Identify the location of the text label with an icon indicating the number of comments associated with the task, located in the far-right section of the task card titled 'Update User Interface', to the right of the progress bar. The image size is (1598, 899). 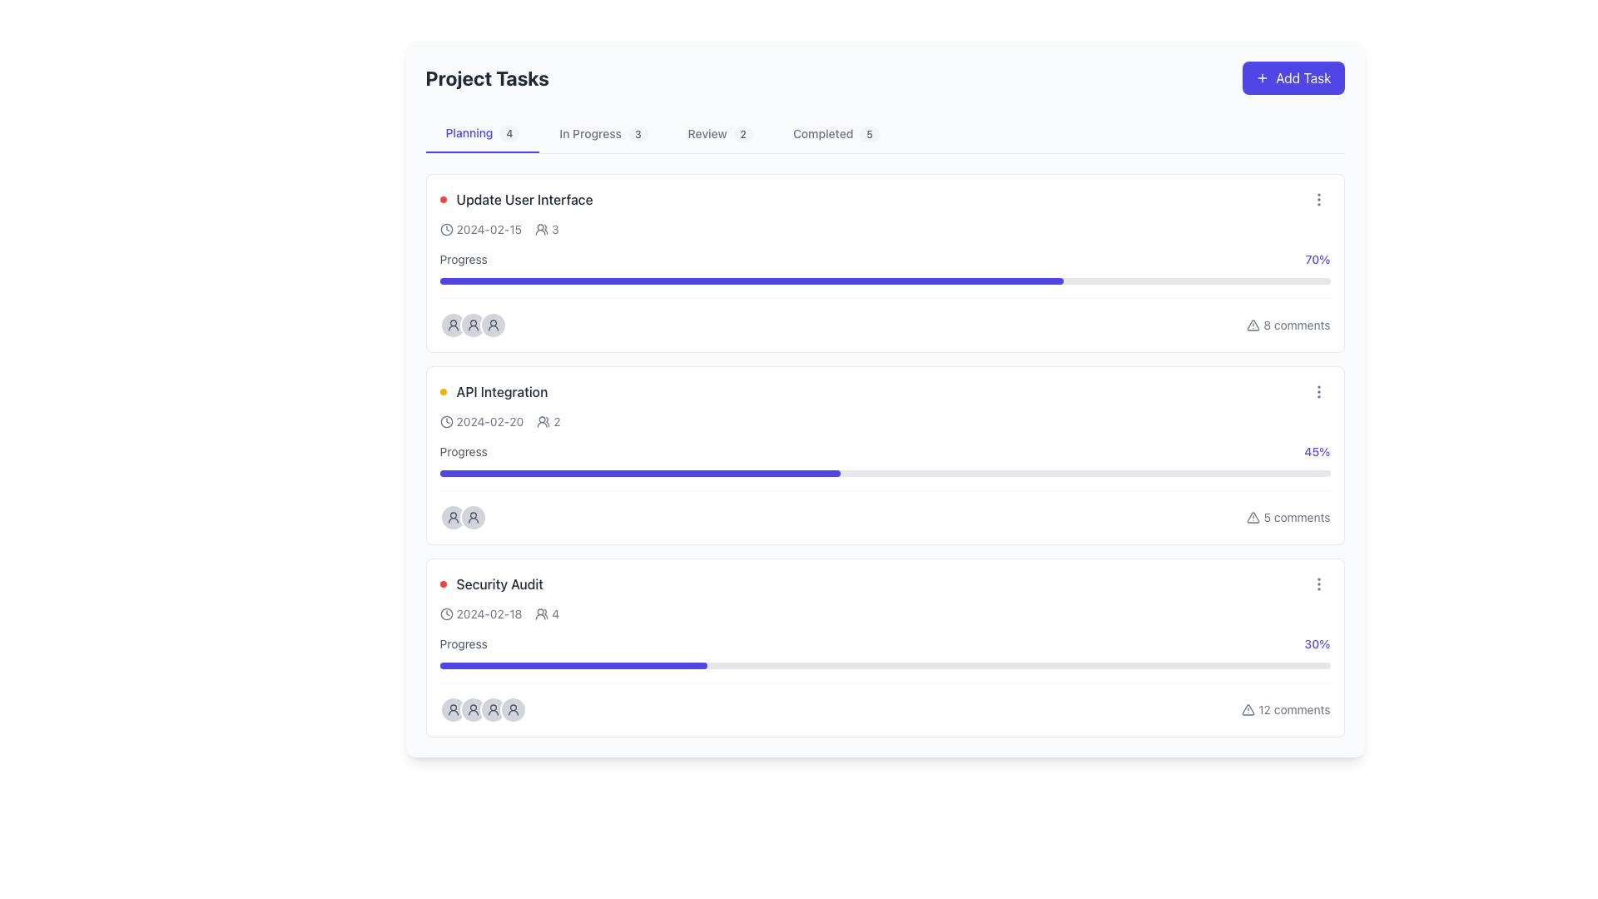
(1288, 325).